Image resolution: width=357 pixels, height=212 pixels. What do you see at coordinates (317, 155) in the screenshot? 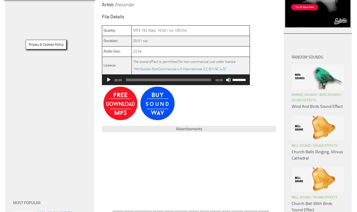
I see `'Church Bells Ringing, Vilnius Cathedral'` at bounding box center [317, 155].